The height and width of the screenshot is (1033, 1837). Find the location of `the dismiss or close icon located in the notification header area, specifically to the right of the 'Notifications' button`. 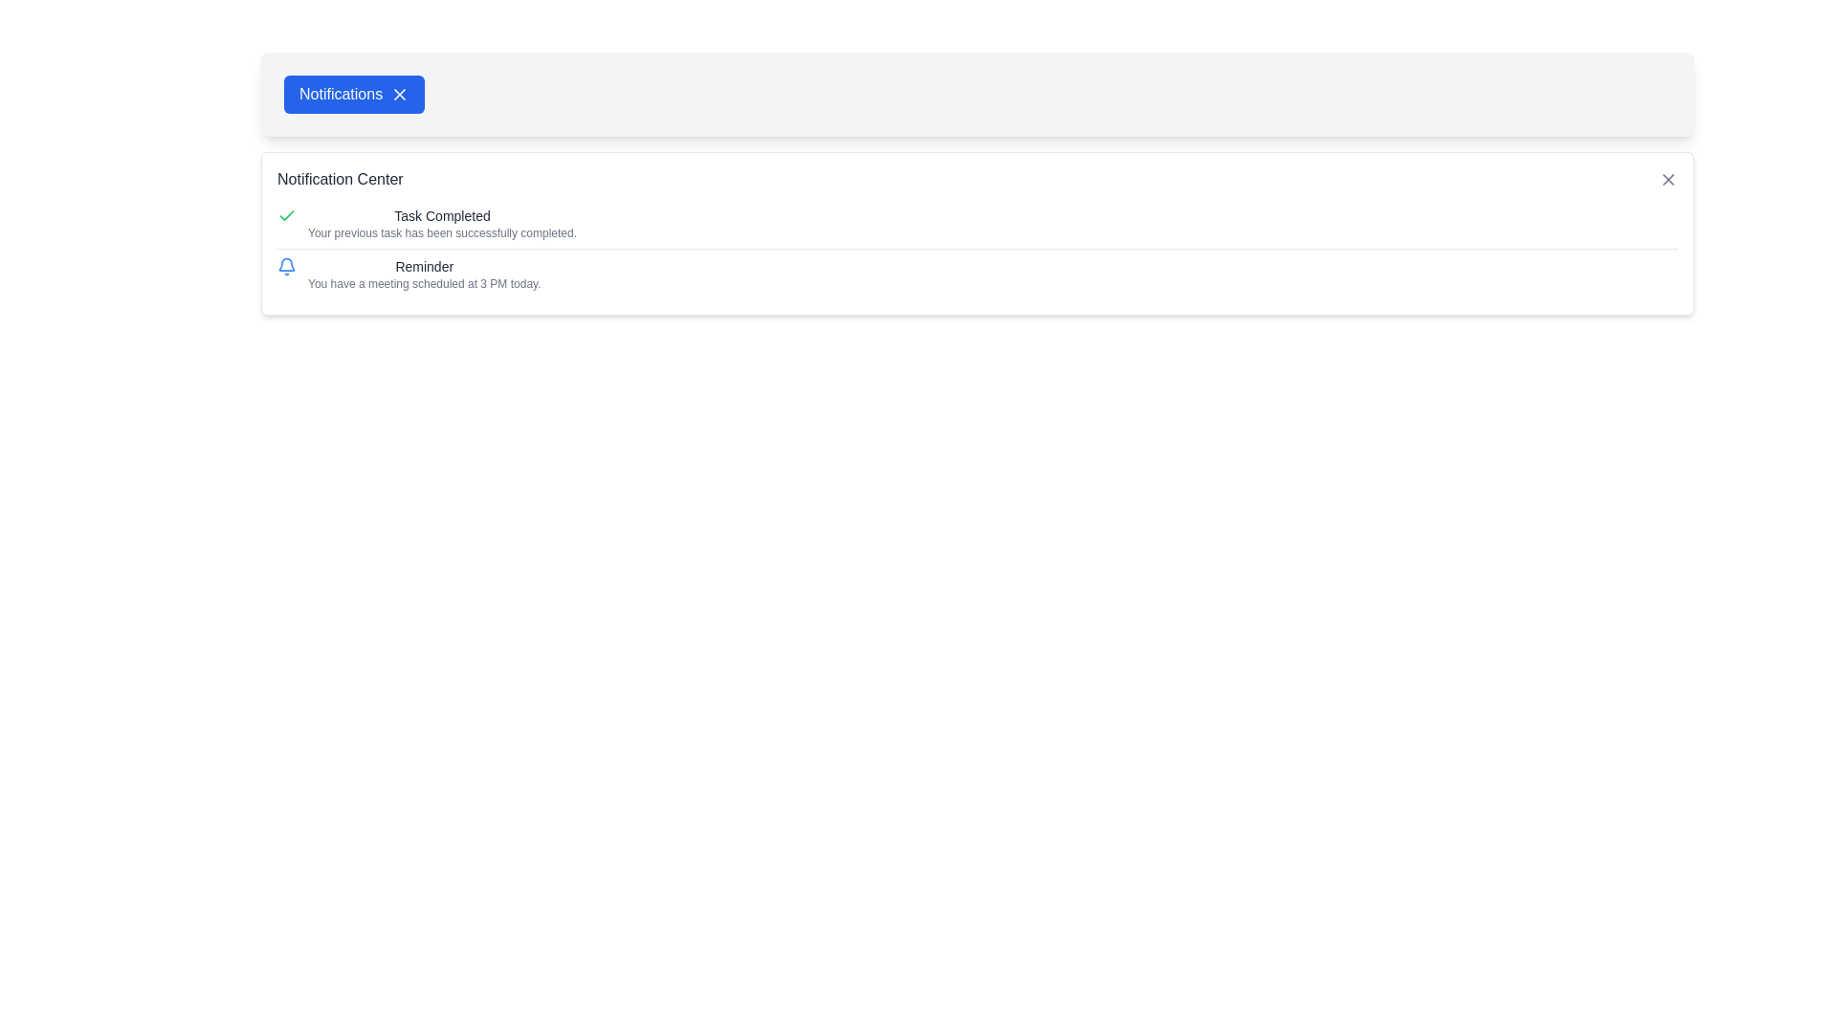

the dismiss or close icon located in the notification header area, specifically to the right of the 'Notifications' button is located at coordinates (399, 95).